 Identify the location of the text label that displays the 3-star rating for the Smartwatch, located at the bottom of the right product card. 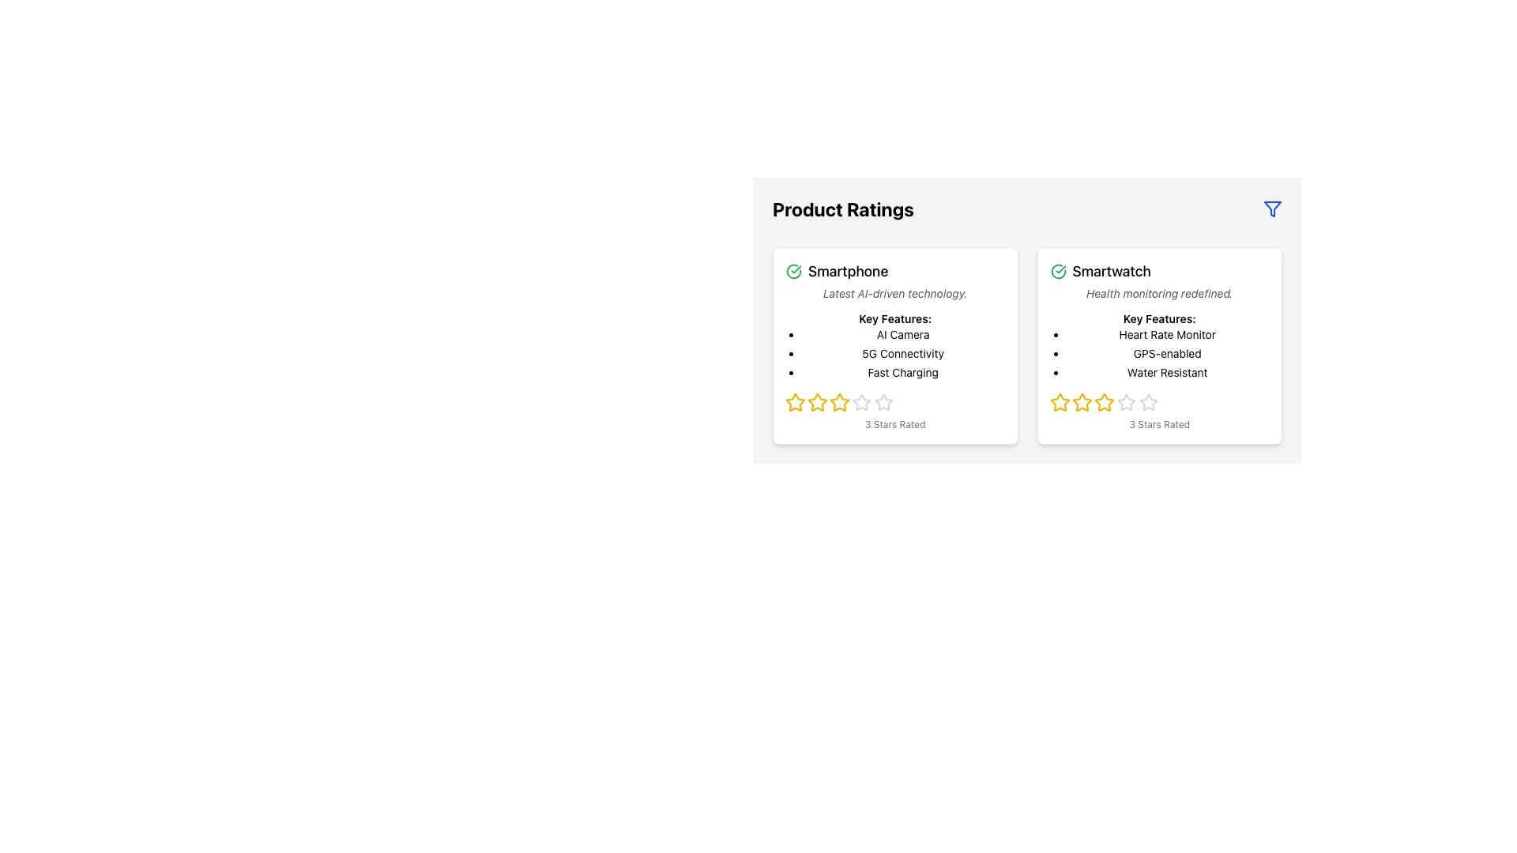
(1159, 423).